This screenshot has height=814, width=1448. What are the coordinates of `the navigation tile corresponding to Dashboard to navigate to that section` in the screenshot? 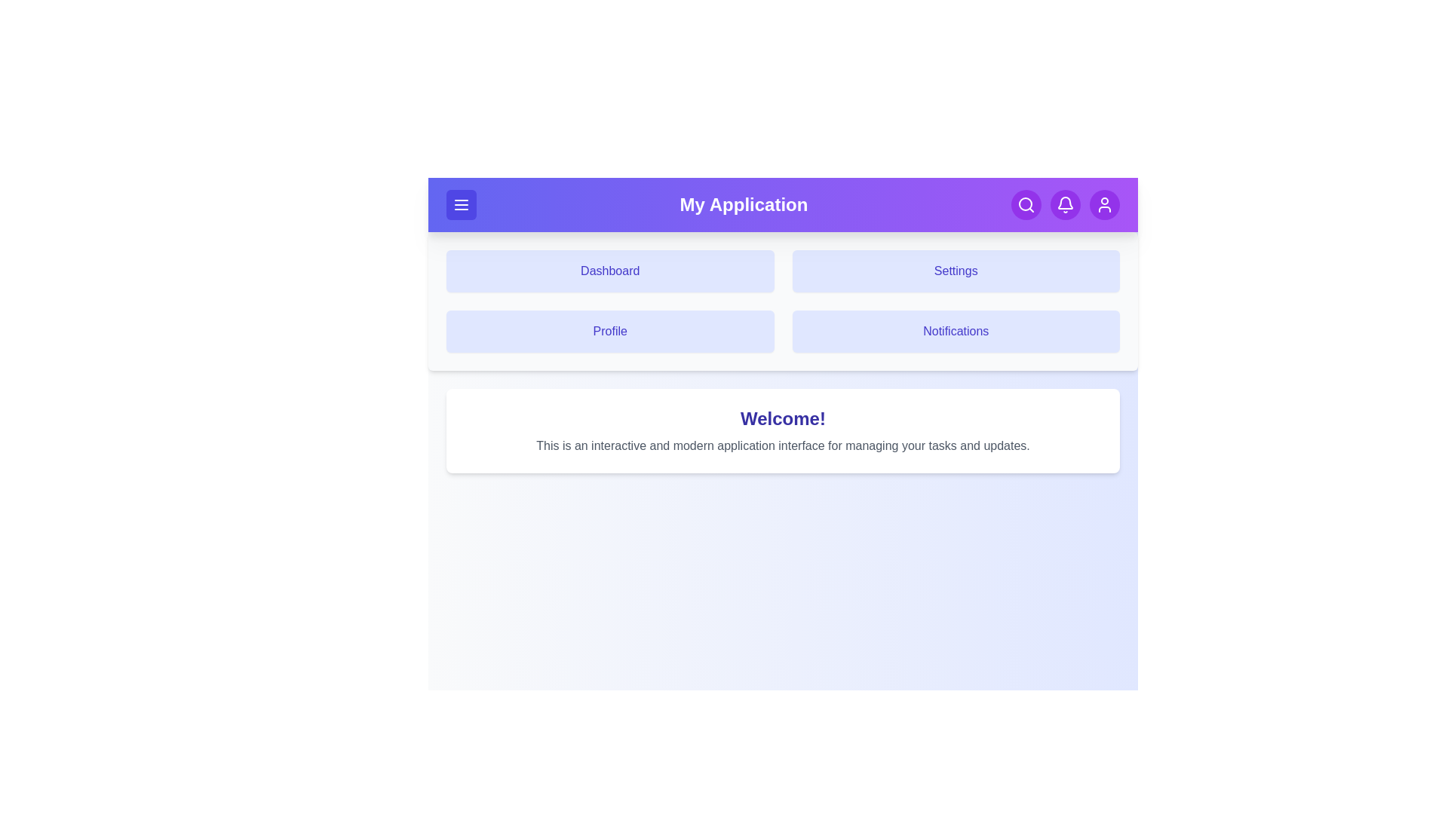 It's located at (610, 270).